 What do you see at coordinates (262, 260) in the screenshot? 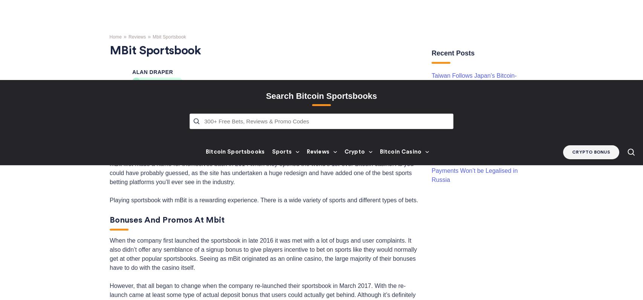
I see `'The only other thing that can be construed as a bonus offered by mBit are special proposition bets on certain sporting events. For example, mBit has paid out bonus monies to players who place a correct wager on the exact final score of a given sporting event. These events do happen, however, they are few and far between. The good news is they will normally shoot out emails the minute these types of bonuses are available, so just keep your inbox on alert!'` at bounding box center [262, 260].